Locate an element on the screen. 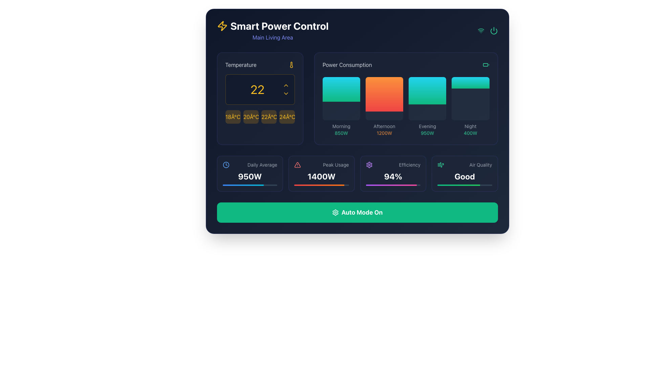 Image resolution: width=650 pixels, height=365 pixels. efficiency value displayed in the Informative panel, which shows '94%' in bold white text is located at coordinates (393, 173).